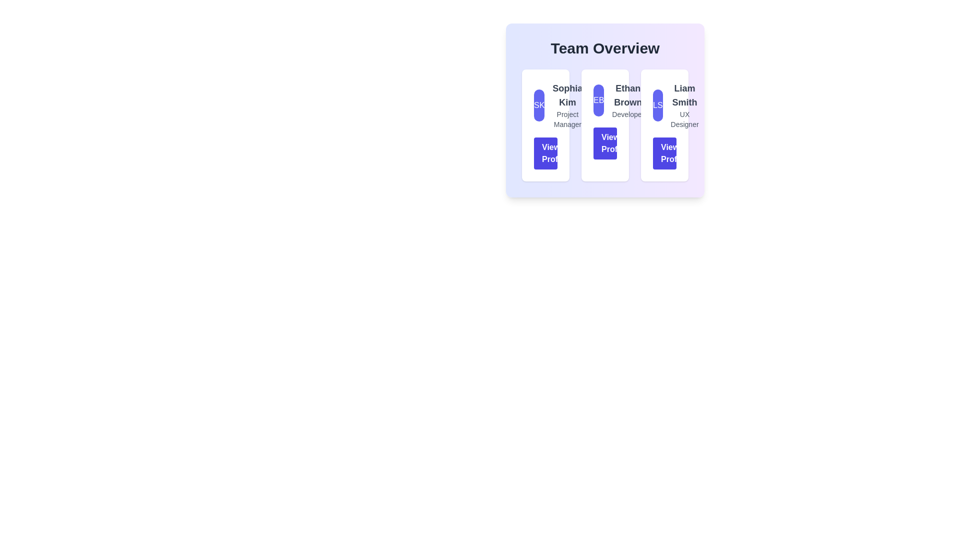  I want to click on the Text display element that shows the name 'Ethan Brown' and title 'Developer' located in the second column of the card in the 'Team Overview' section, so click(627, 100).